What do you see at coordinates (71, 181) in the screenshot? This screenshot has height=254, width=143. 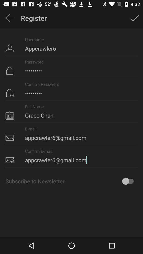 I see `the subscribe to newsletter icon` at bounding box center [71, 181].